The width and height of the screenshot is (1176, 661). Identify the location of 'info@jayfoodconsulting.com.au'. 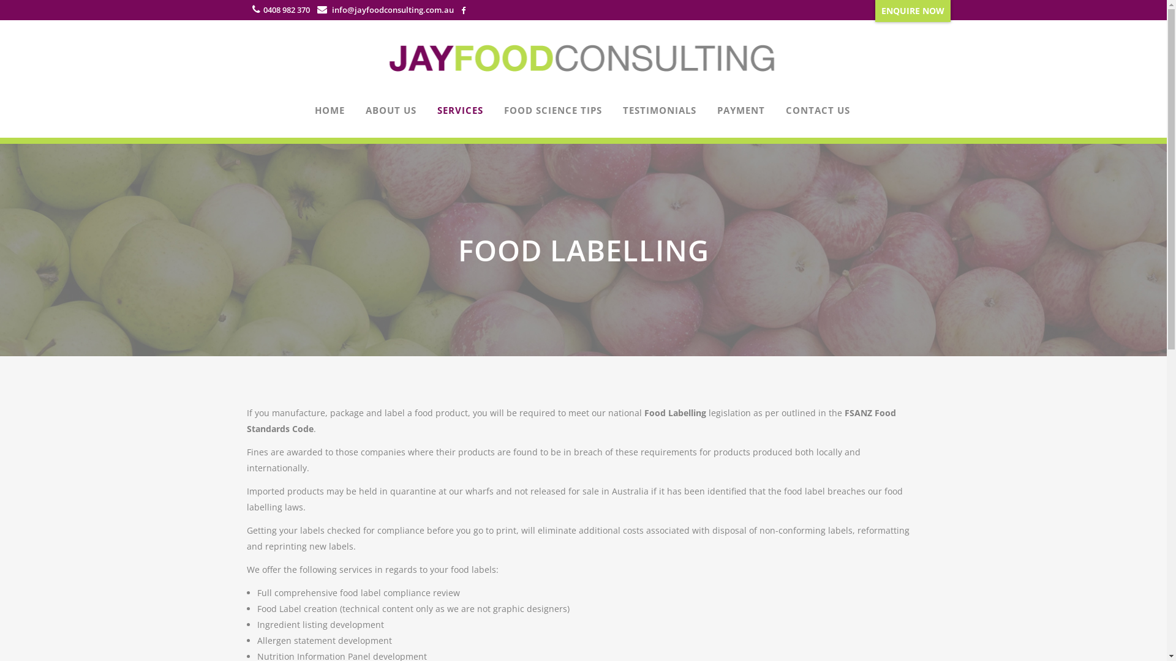
(390, 9).